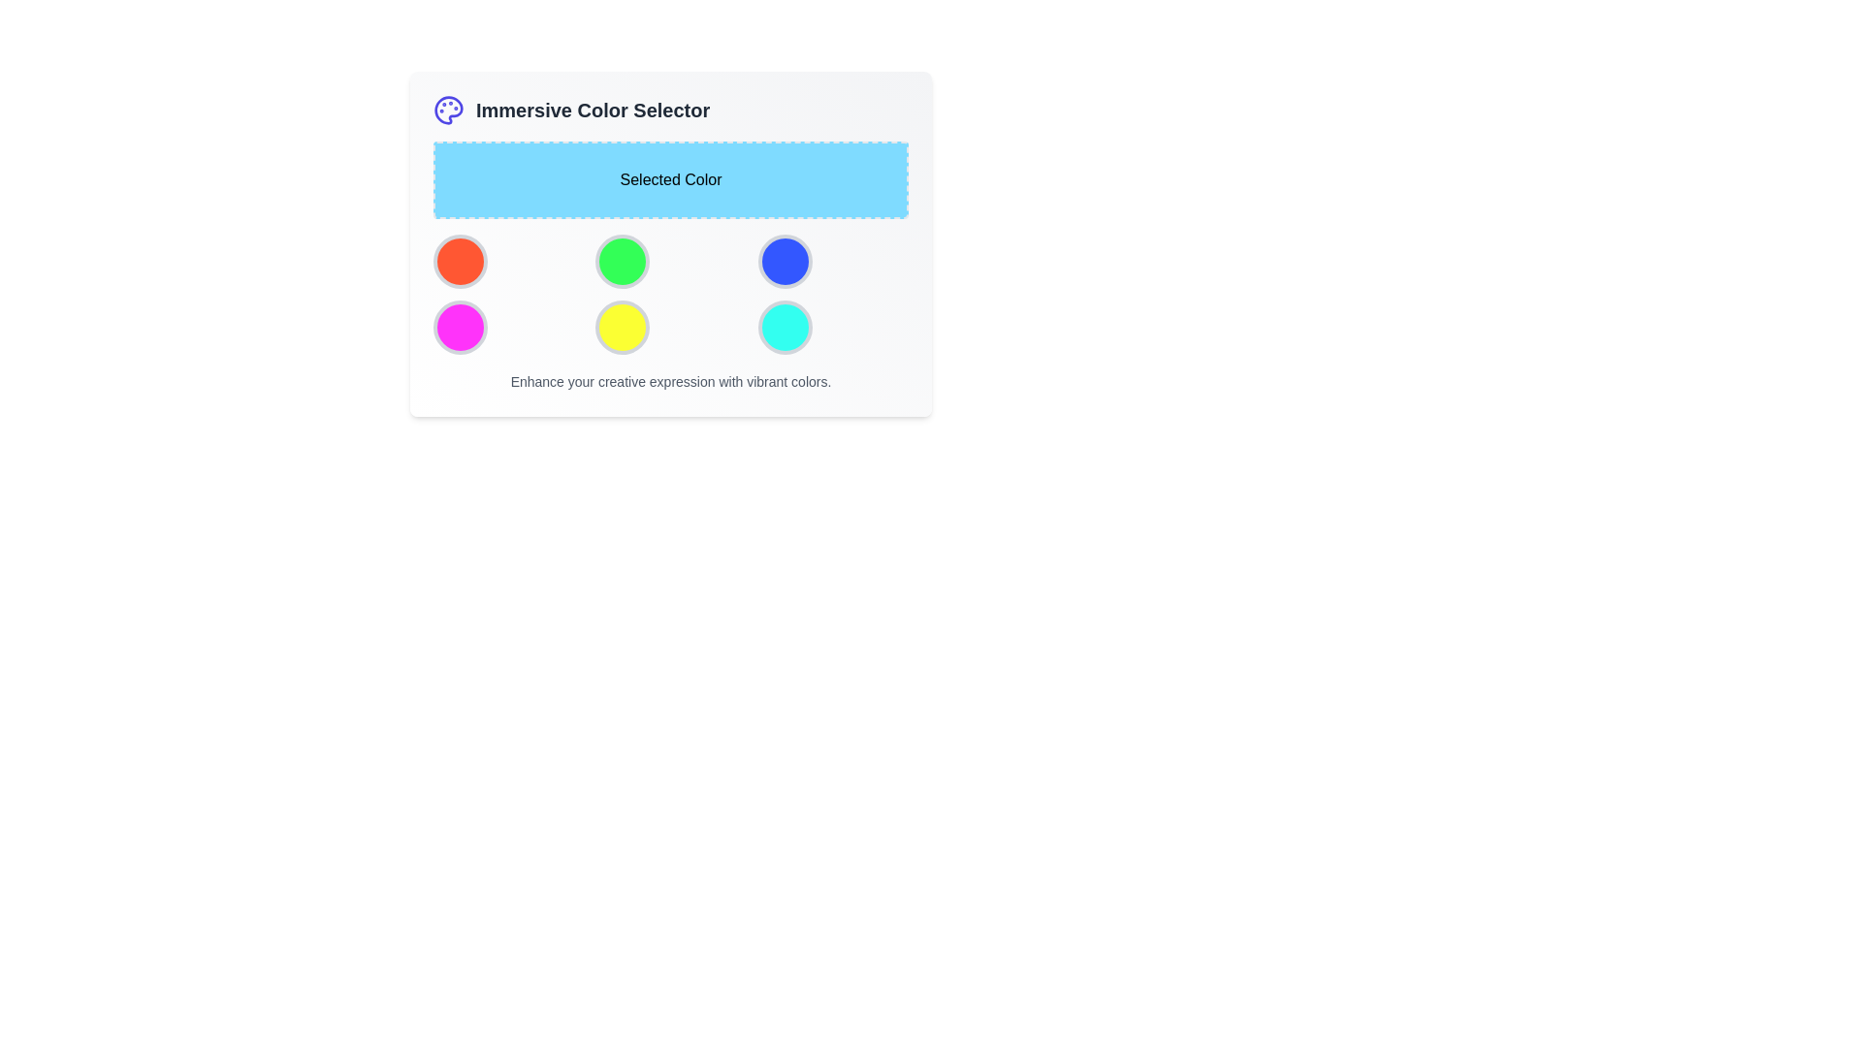 The image size is (1862, 1047). I want to click on the color palette icon located near the upper-left corner of the application interface, which serves as a visual indicator of the palette, so click(447, 111).